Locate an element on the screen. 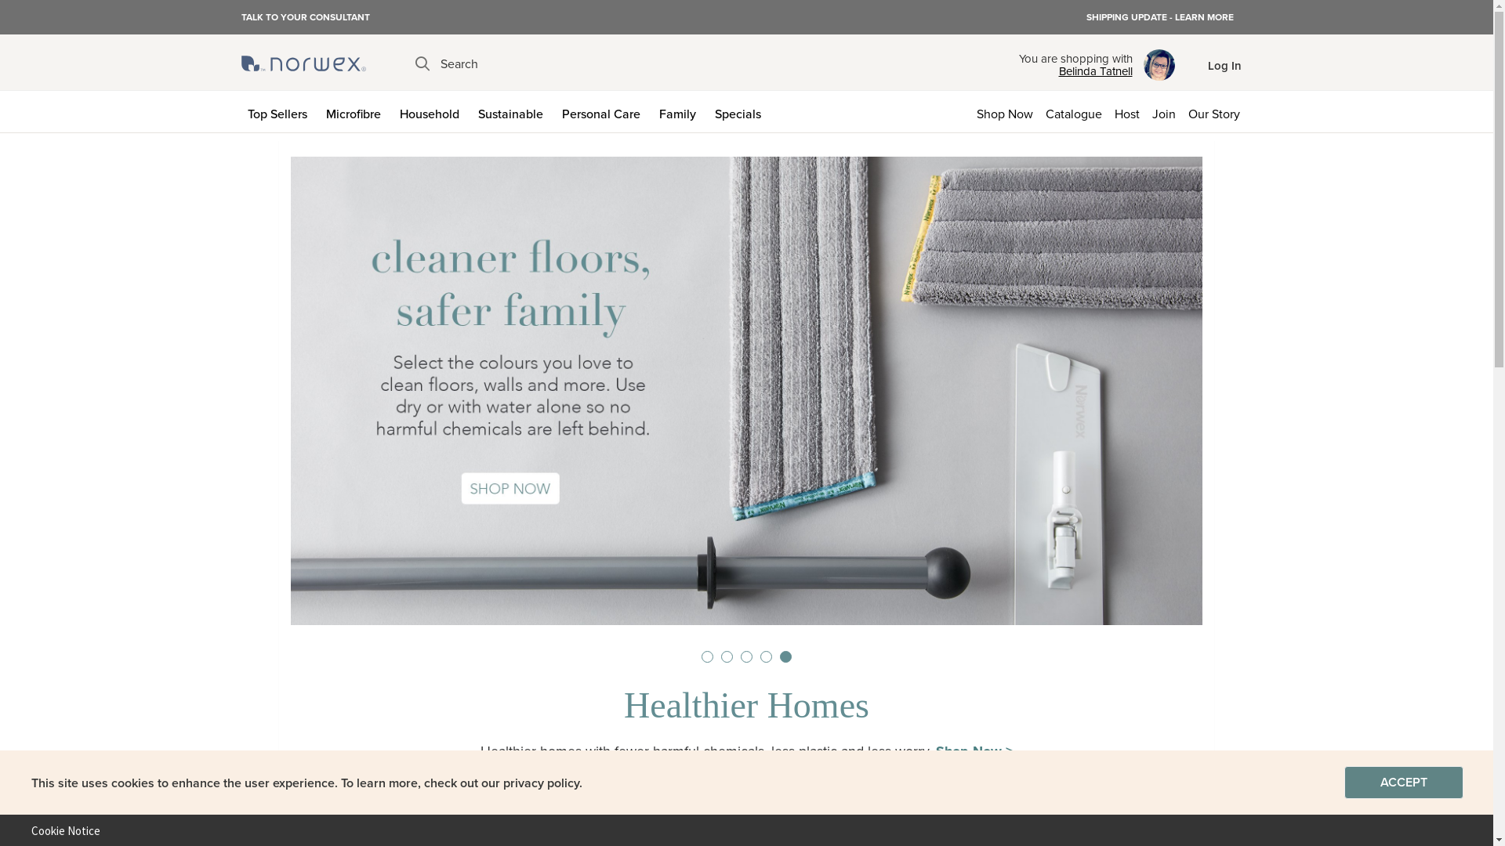  'Shop Now >' is located at coordinates (936, 750).